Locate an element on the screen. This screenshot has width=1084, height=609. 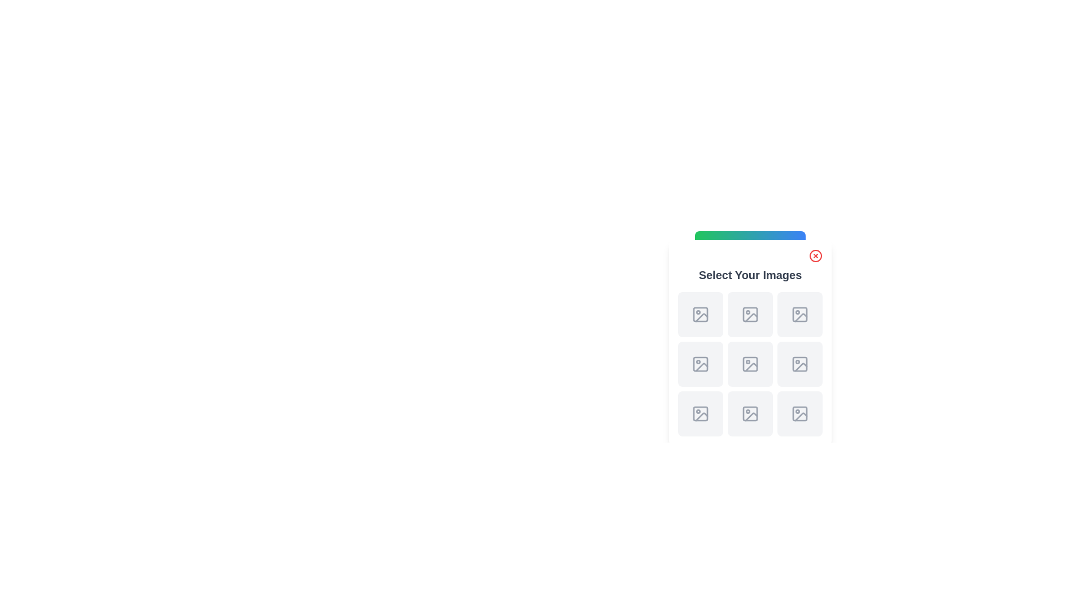
an image onto the image upload button located in the middle of the second row and second column of a 3x3 grid layout is located at coordinates (750, 364).